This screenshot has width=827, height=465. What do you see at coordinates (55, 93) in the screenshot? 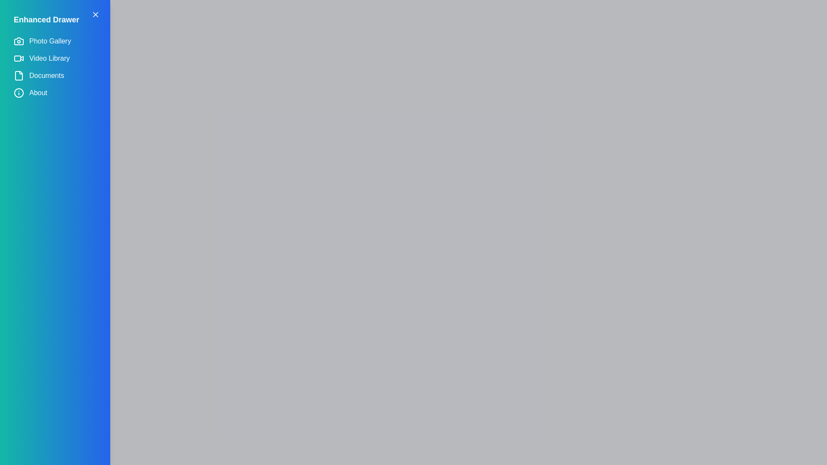
I see `the fourth menu item in the vertical sidebar list to highlight it` at bounding box center [55, 93].